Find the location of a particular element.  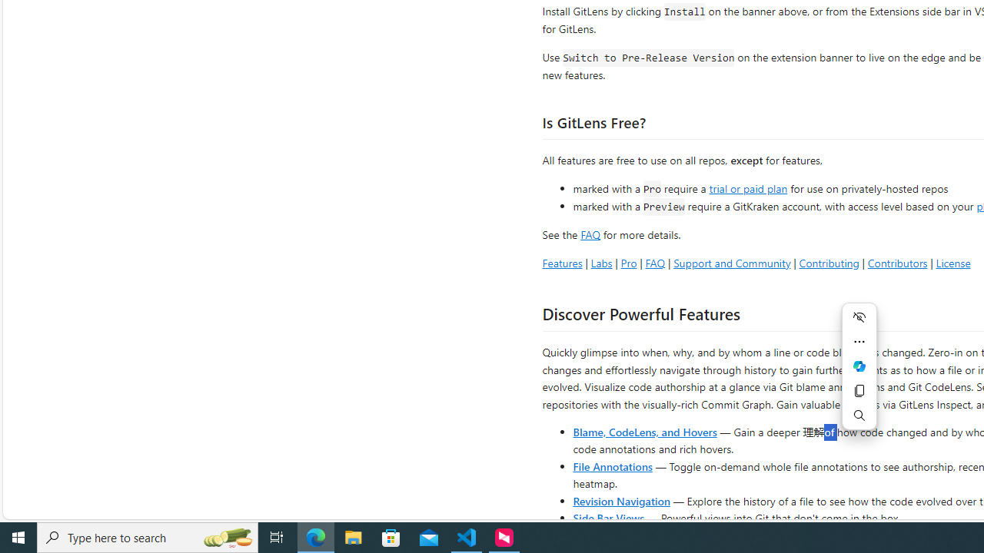

'Support and Community' is located at coordinates (731, 262).